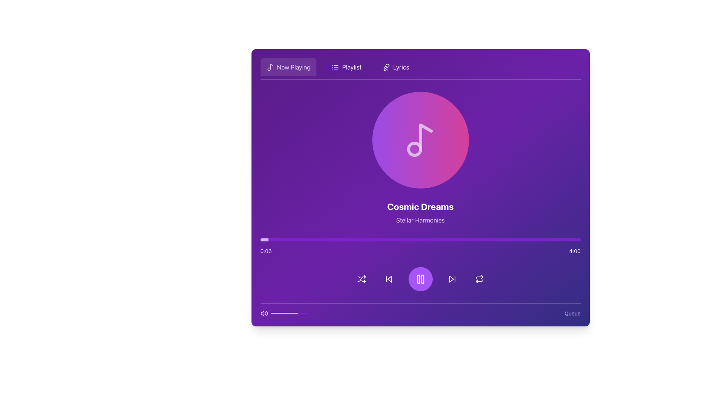 The width and height of the screenshot is (725, 408). I want to click on the Decorative Icon, which is a white music note icon with a translucent effect, centered within a circular gradient background transitioning from purple to pink, so click(420, 140).